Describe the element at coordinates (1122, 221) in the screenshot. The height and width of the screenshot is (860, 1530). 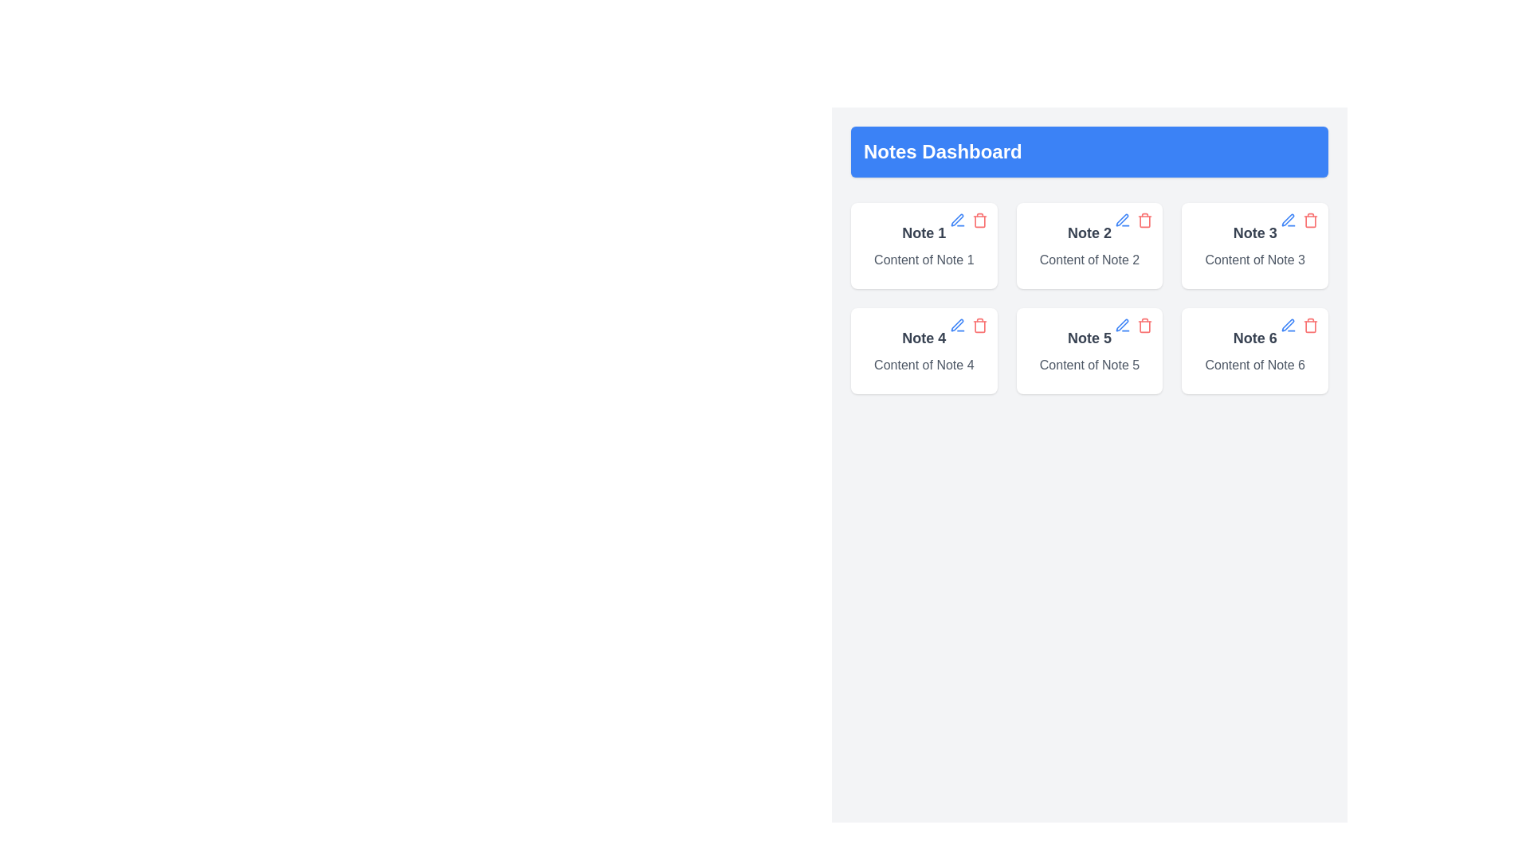
I see `the edit button located at the top-right corner of the 'Note 2' card in the 'Notes Dashboard'` at that location.